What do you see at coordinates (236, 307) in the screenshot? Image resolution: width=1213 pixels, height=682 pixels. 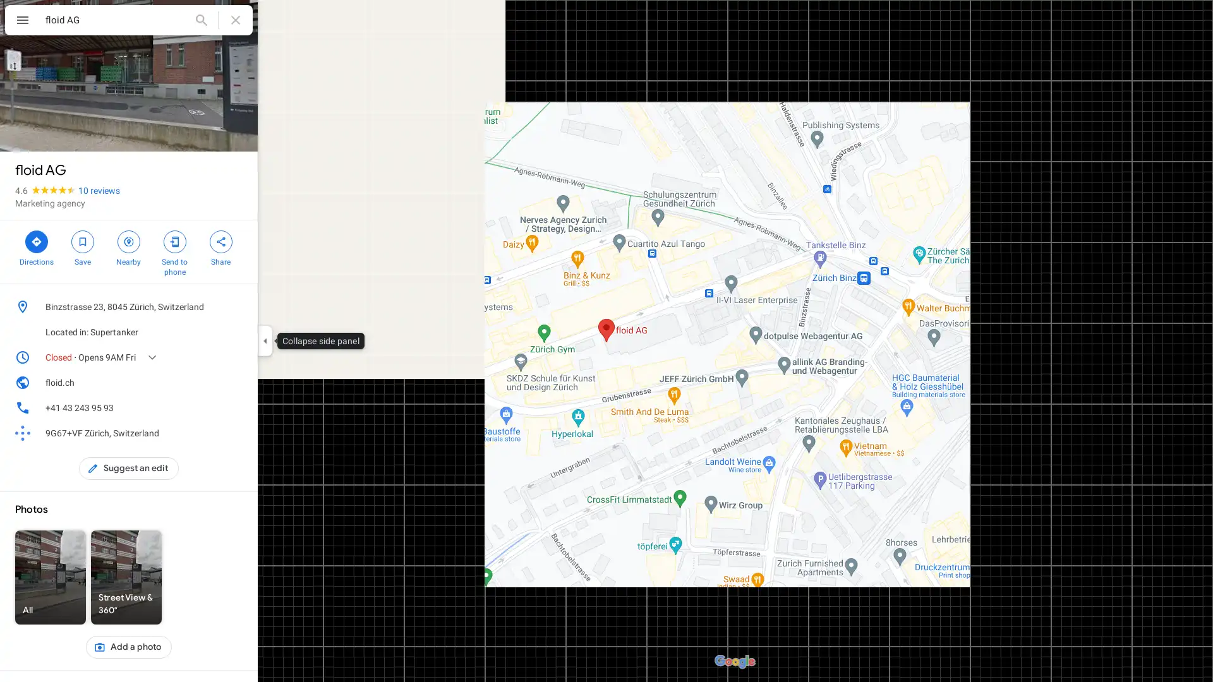 I see `Copy address` at bounding box center [236, 307].